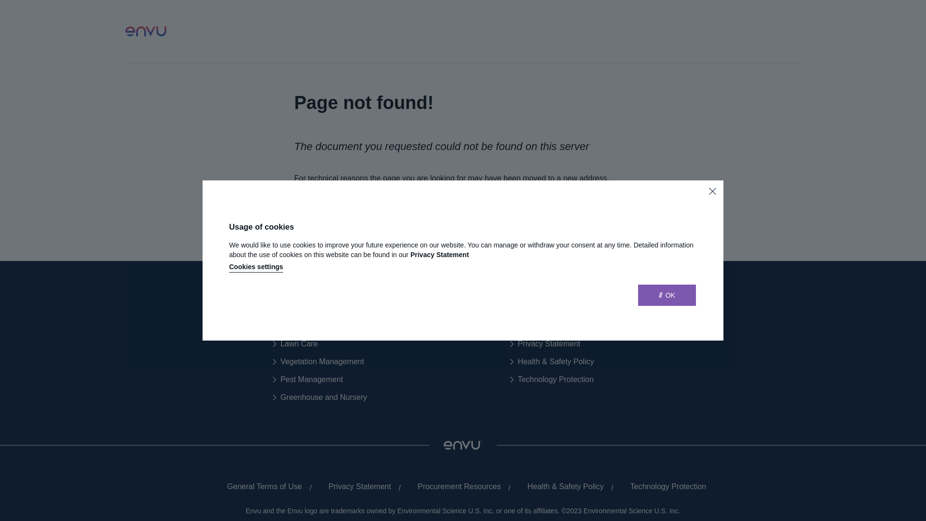 This screenshot has height=521, width=926. What do you see at coordinates (638, 295) in the screenshot?
I see `'OK'` at bounding box center [638, 295].